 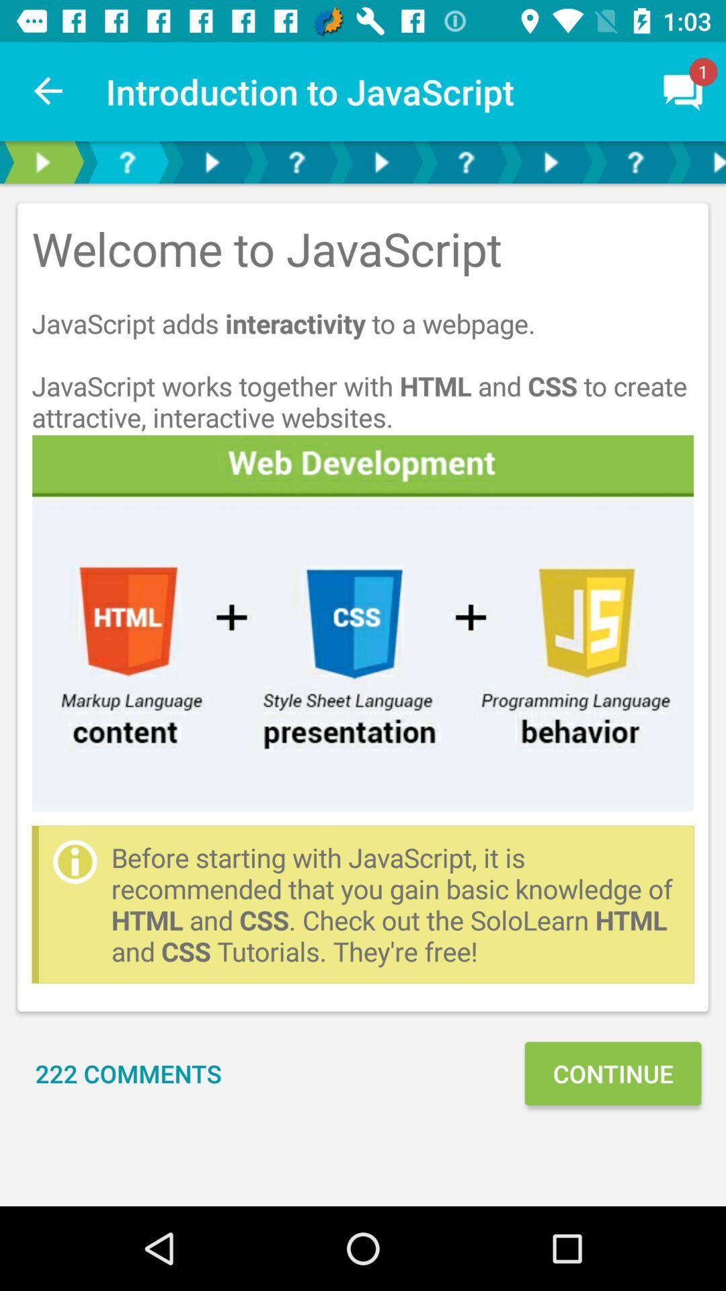 What do you see at coordinates (395, 904) in the screenshot?
I see `the before starting with icon` at bounding box center [395, 904].